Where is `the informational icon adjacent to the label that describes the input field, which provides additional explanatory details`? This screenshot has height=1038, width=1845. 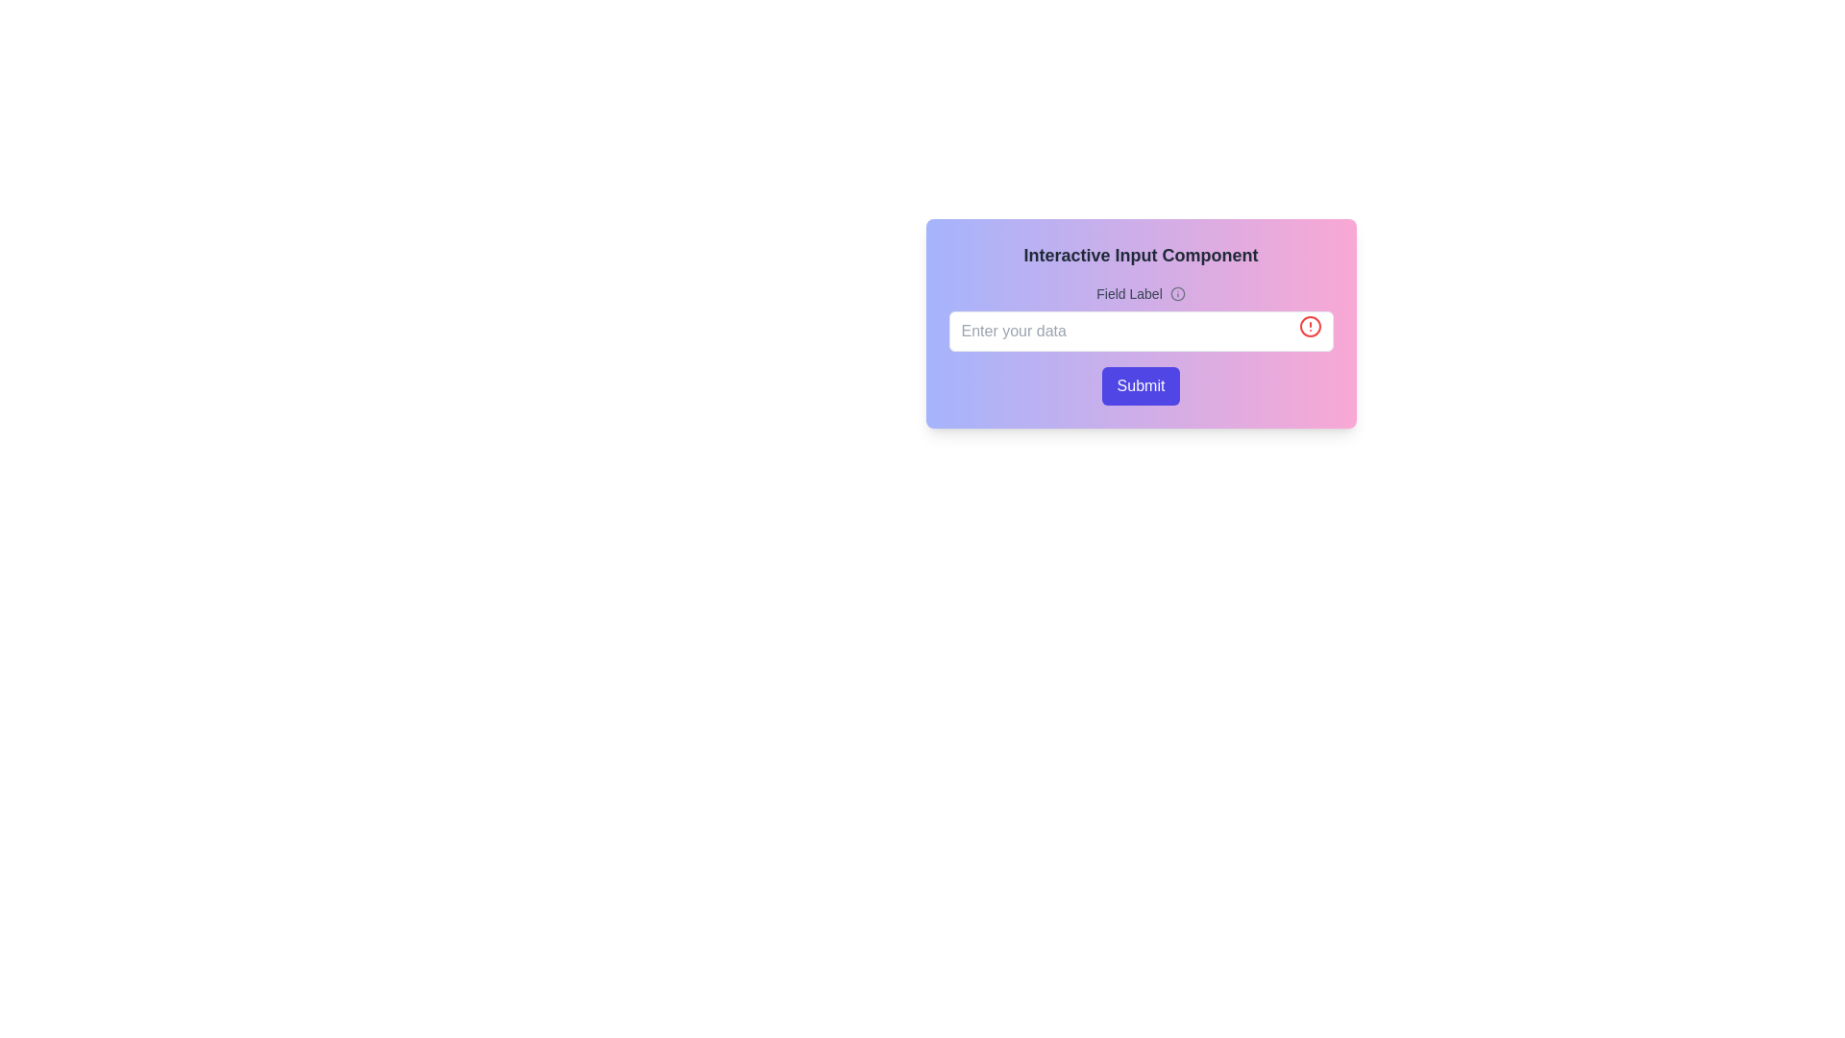 the informational icon adjacent to the label that describes the input field, which provides additional explanatory details is located at coordinates (1141, 293).